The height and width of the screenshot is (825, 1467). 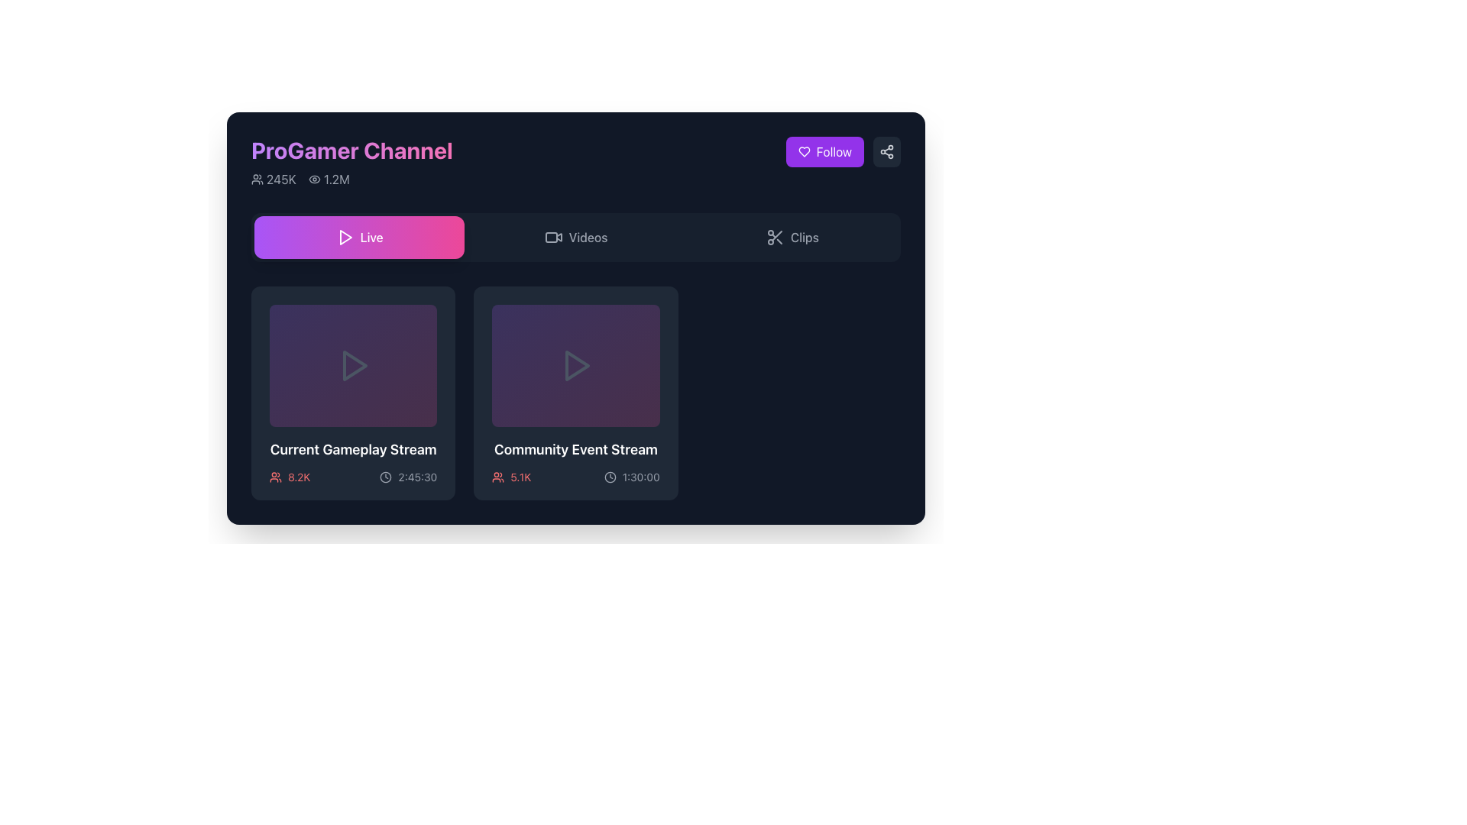 What do you see at coordinates (842, 152) in the screenshot?
I see `the follow button located at the top-right corner of the channel information section to observe hover effects` at bounding box center [842, 152].